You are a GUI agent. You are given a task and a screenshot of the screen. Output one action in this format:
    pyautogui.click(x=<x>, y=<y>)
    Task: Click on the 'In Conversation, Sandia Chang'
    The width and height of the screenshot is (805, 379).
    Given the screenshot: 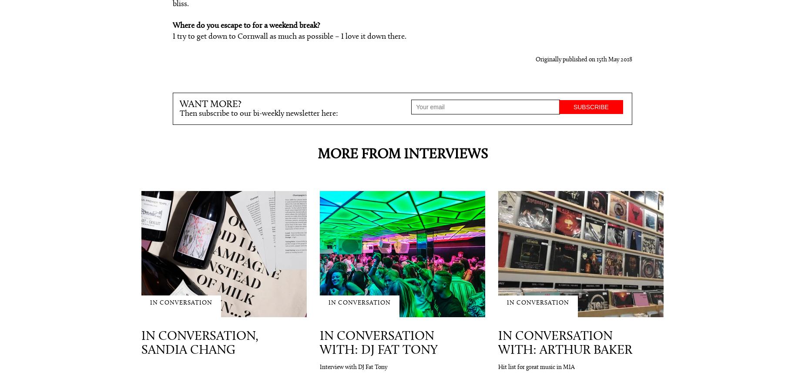 What is the action you would take?
    pyautogui.click(x=199, y=343)
    